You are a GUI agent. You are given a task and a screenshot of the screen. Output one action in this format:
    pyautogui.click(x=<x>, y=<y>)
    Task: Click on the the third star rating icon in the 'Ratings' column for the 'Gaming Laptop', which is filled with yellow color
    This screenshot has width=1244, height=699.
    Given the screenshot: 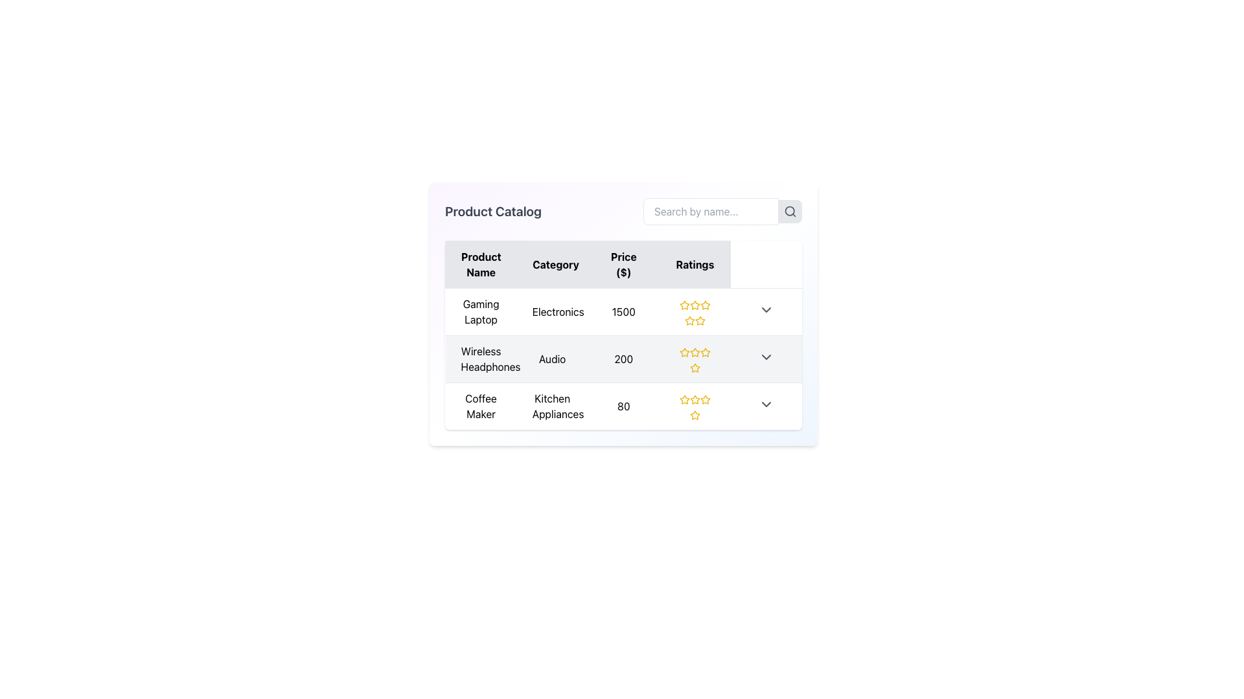 What is the action you would take?
    pyautogui.click(x=689, y=320)
    